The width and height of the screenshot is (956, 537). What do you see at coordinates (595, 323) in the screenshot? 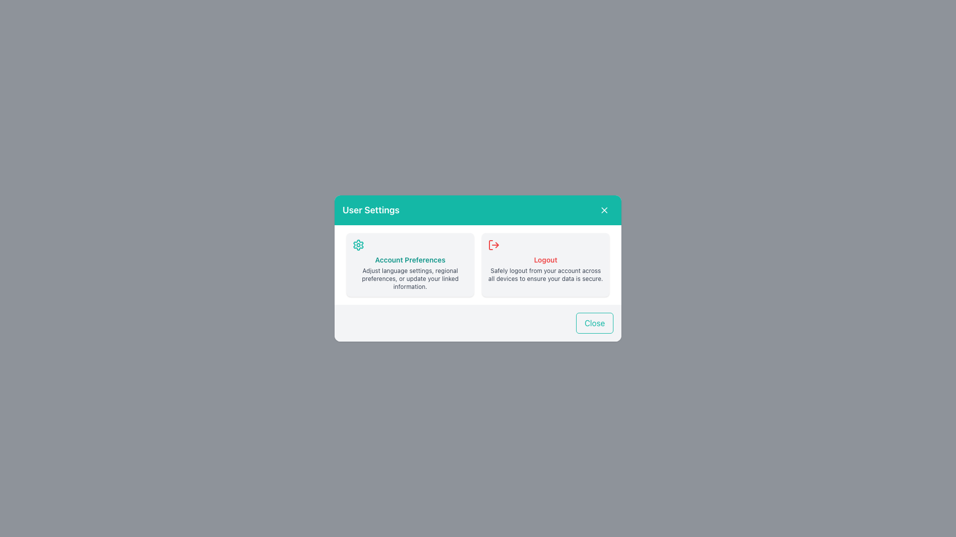
I see `the close button located at the bottom-right corner of the 'User Settings' dialog box` at bounding box center [595, 323].